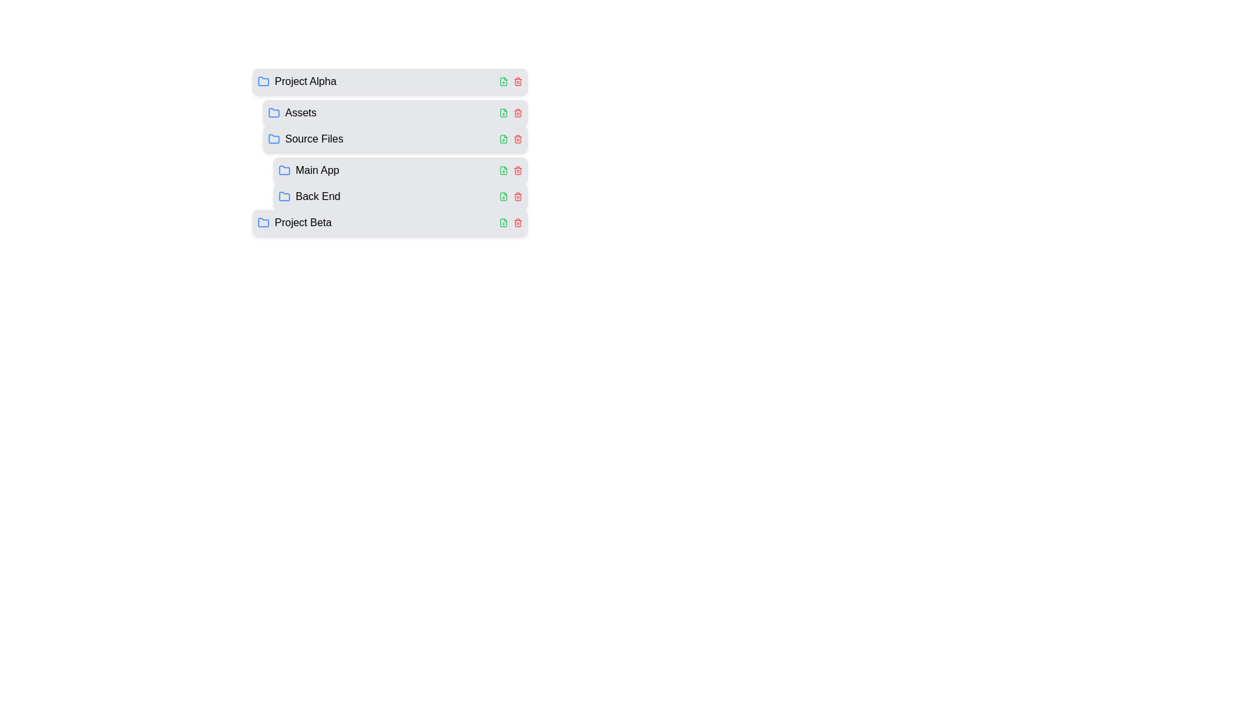  I want to click on the green-colored icon button with a 'plus' symbol, located in the 'Back End' row, so click(502, 196).